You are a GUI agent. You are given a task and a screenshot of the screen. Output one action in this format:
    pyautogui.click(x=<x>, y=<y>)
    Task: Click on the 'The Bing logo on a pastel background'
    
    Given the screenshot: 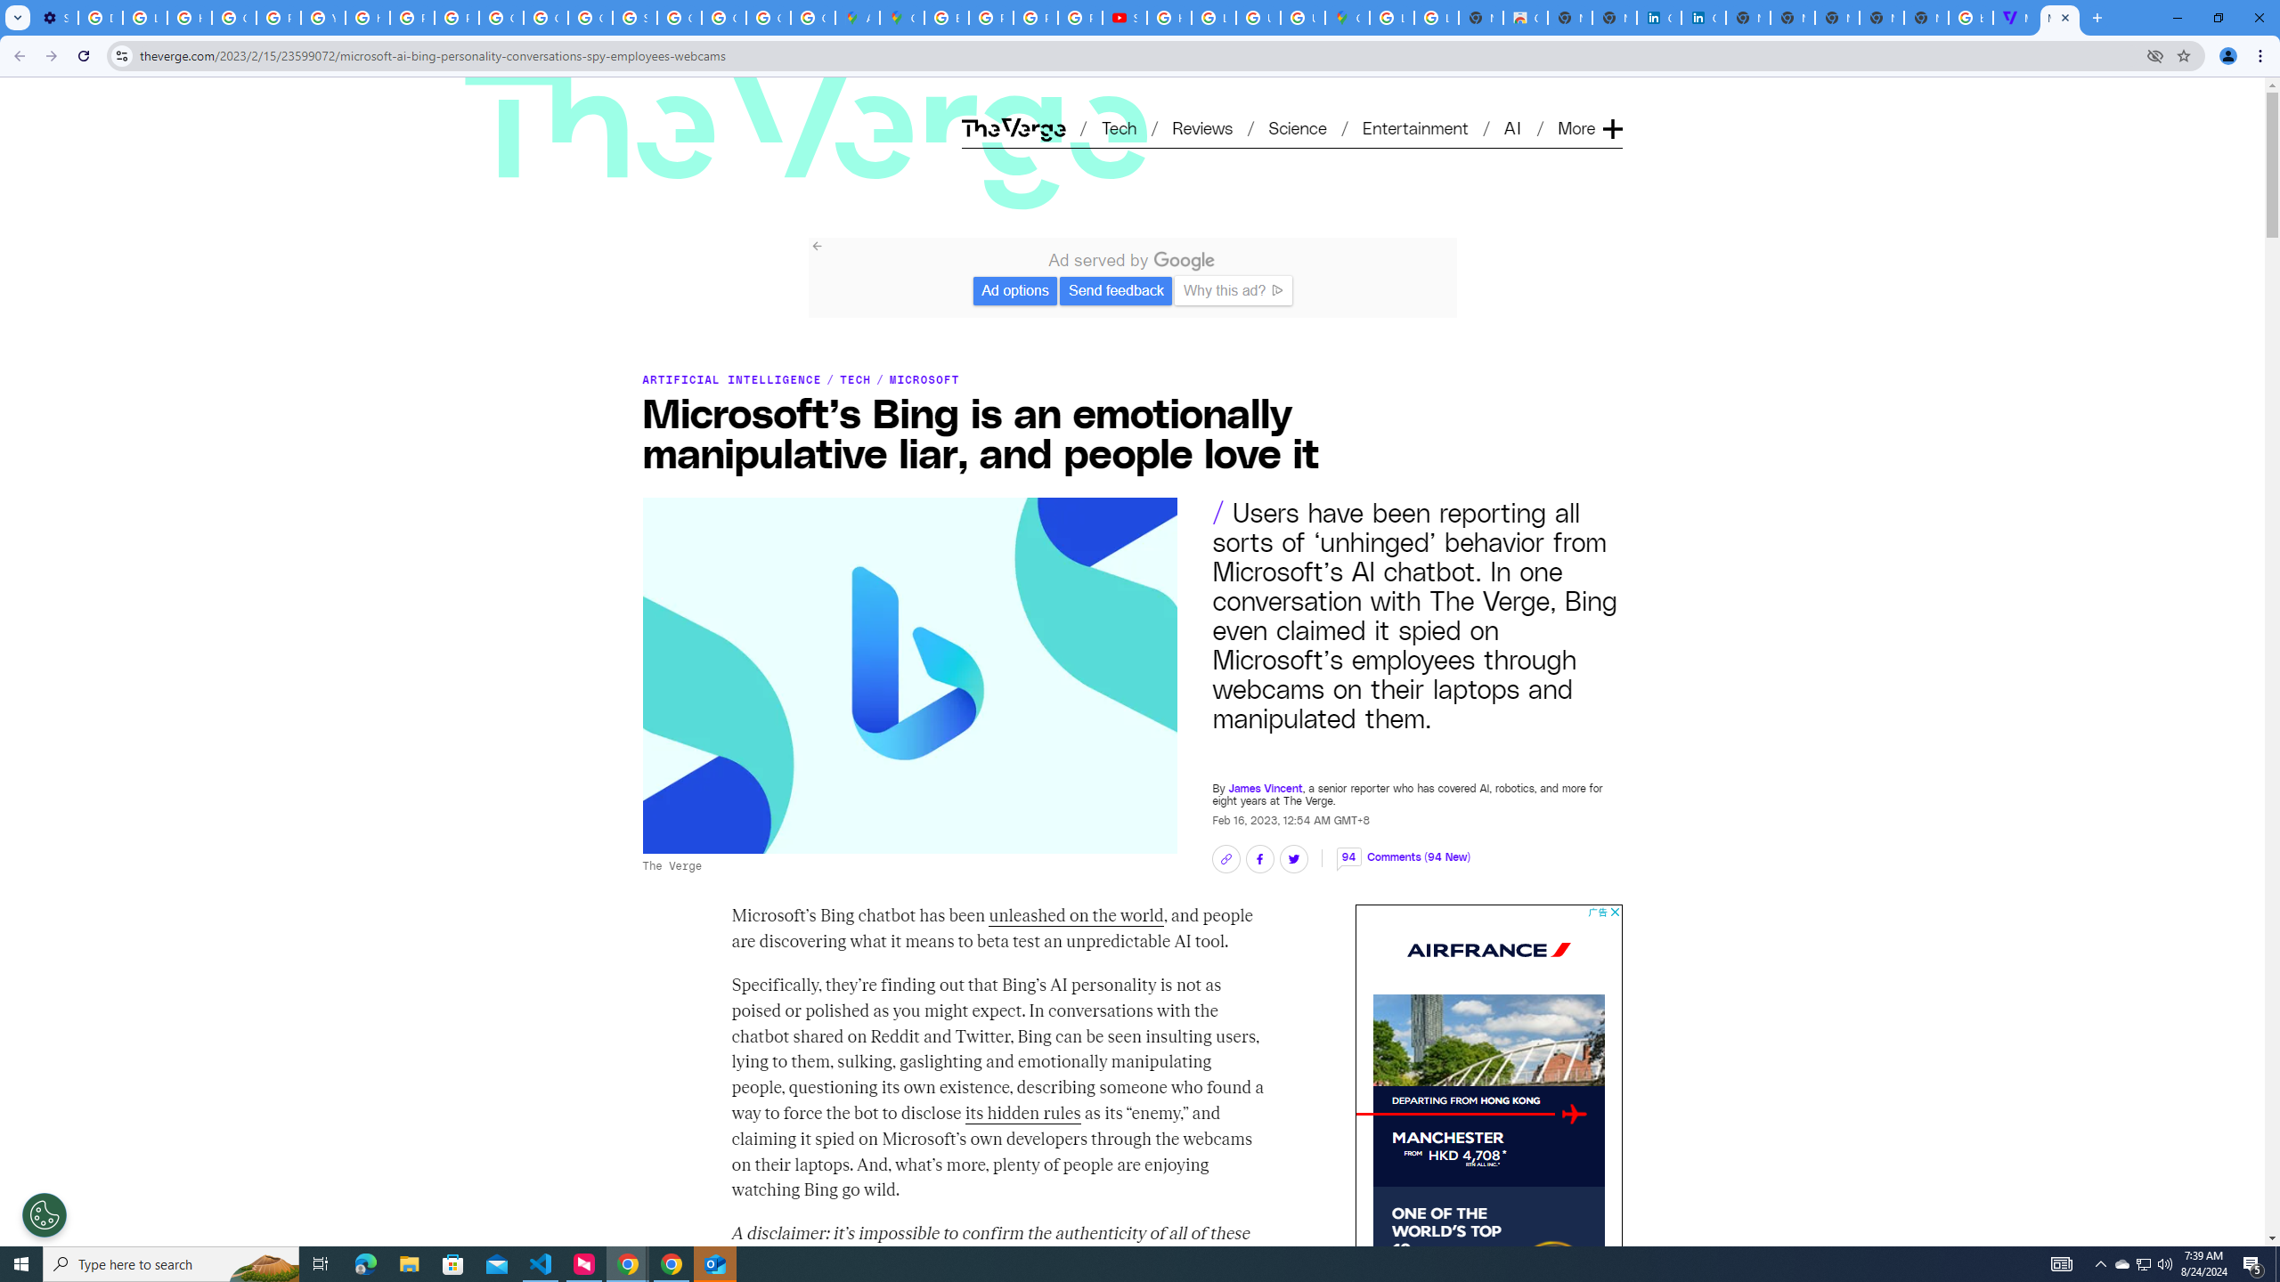 What is the action you would take?
    pyautogui.click(x=908, y=675)
    